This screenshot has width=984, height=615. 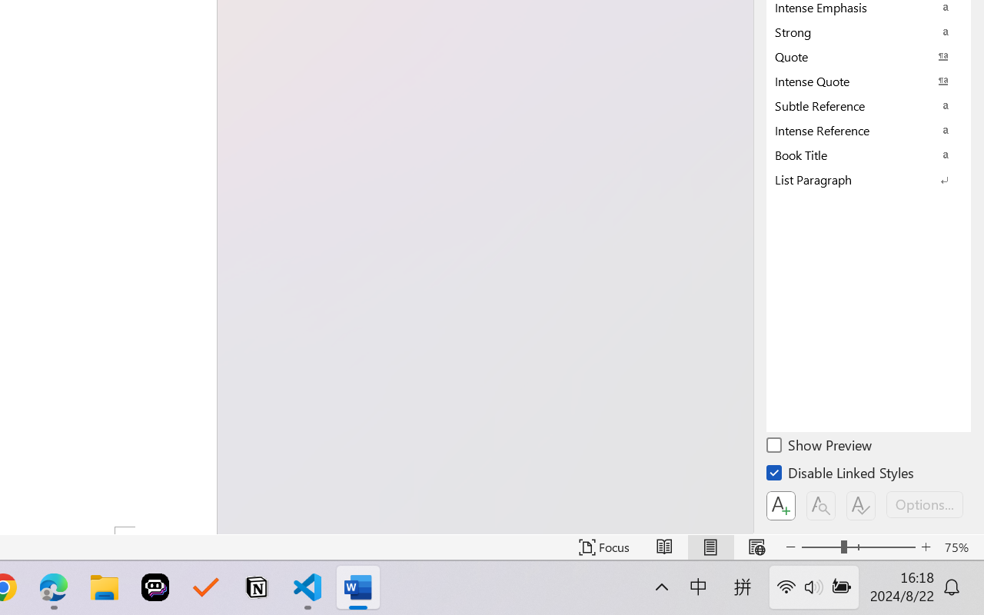 I want to click on 'Options...', so click(x=924, y=504).